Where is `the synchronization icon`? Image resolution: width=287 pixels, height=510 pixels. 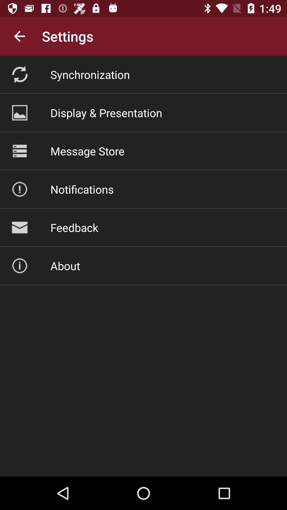
the synchronization icon is located at coordinates (90, 74).